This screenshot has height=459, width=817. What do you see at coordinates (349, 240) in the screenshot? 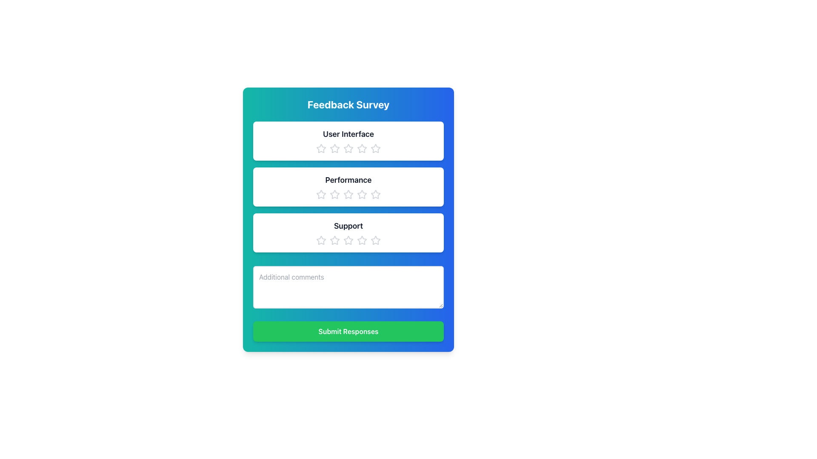
I see `the third star icon in the rating group under the 'Support' section` at bounding box center [349, 240].